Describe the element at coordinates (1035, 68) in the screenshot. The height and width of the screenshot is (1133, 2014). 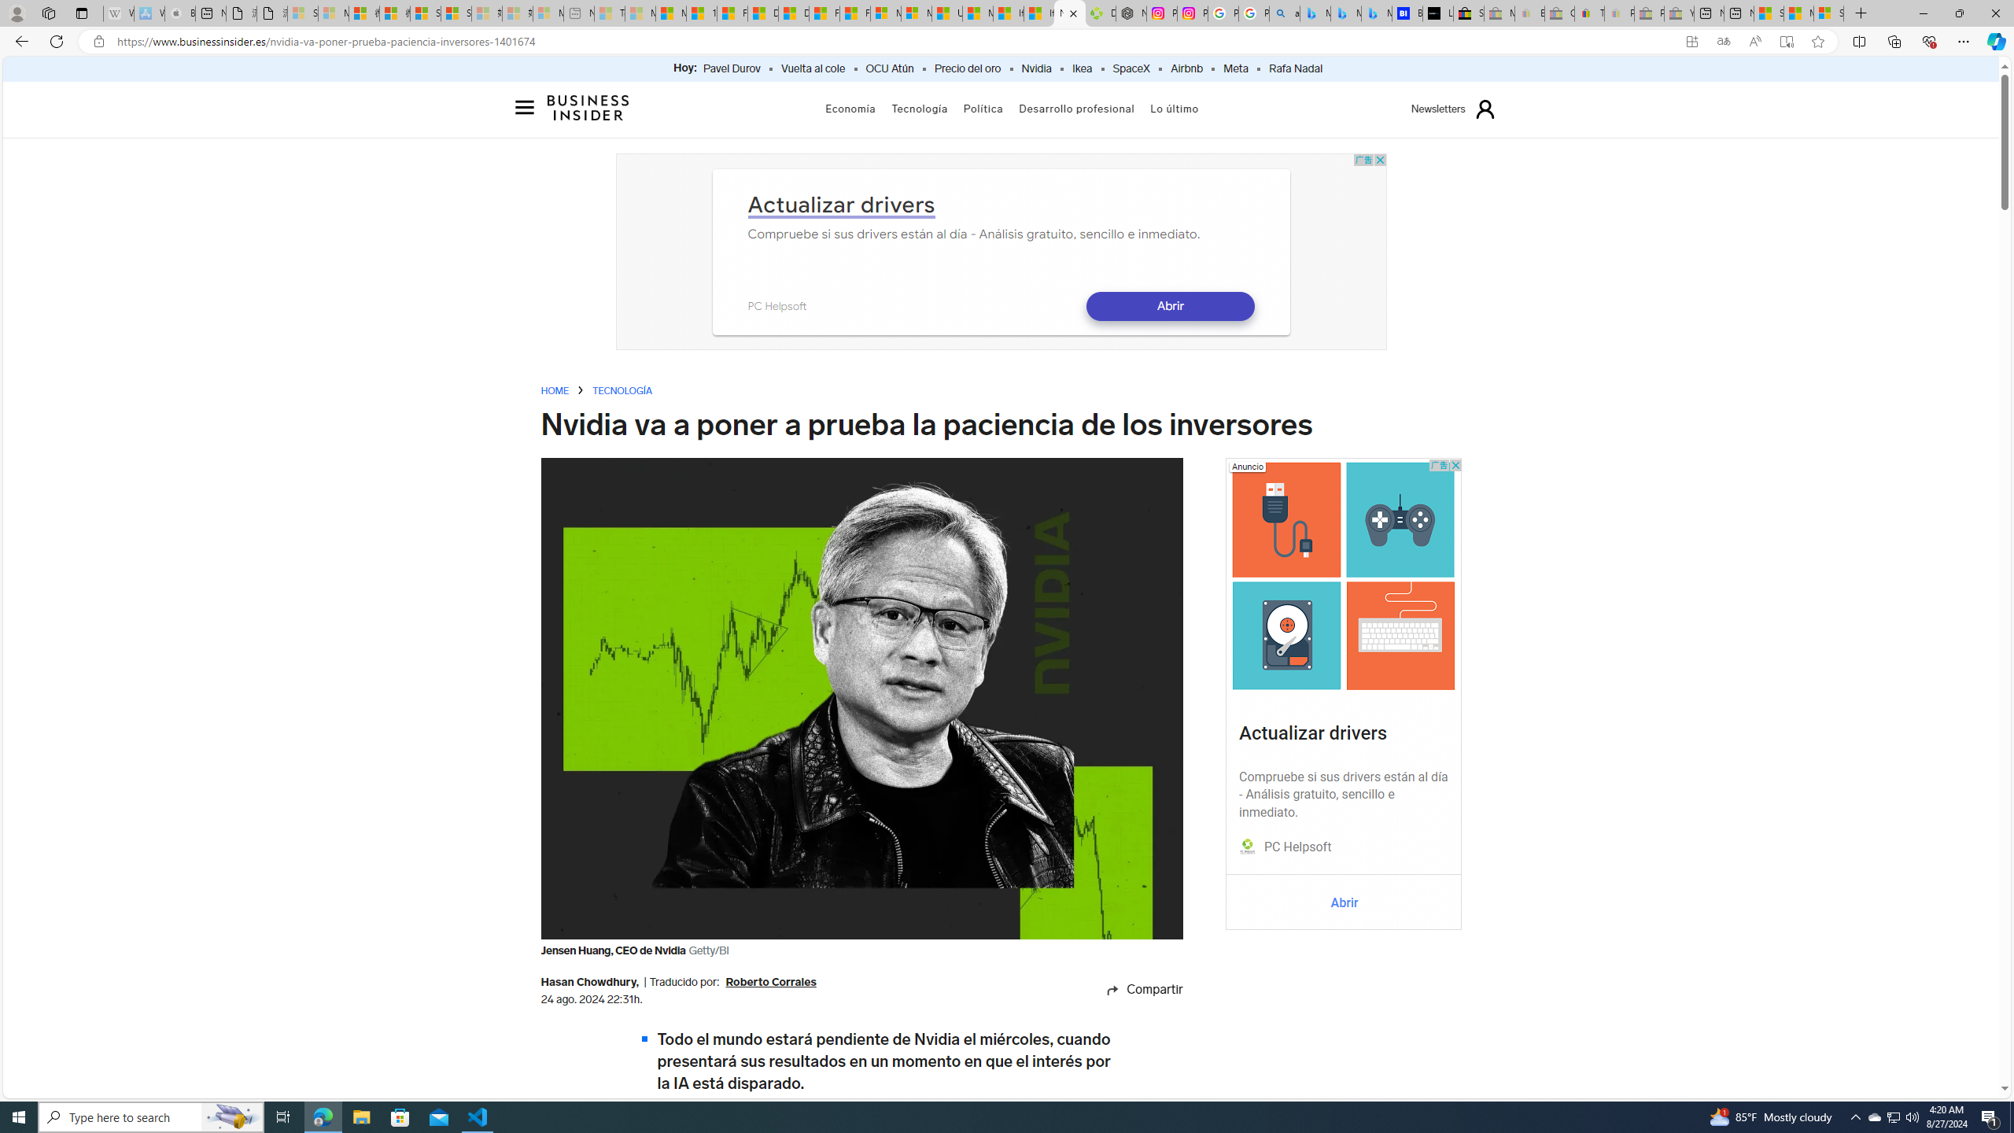
I see `'Nvidia'` at that location.